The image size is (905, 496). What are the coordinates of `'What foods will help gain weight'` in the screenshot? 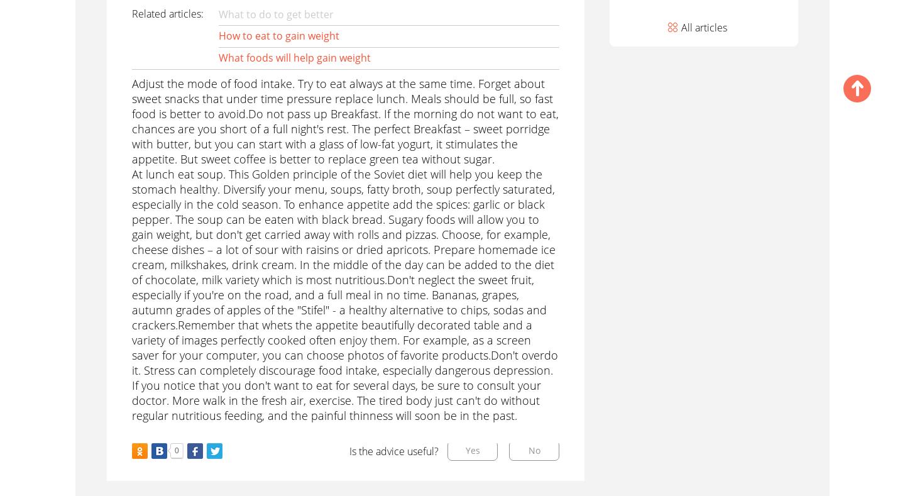 It's located at (294, 57).